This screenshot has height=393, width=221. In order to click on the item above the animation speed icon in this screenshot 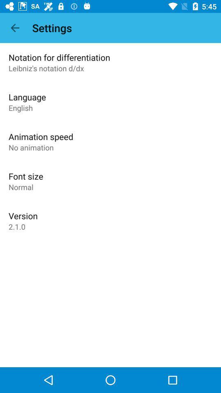, I will do `click(20, 107)`.